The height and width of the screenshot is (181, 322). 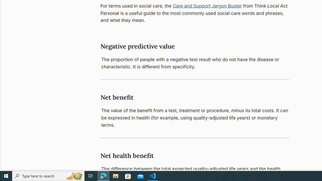 What do you see at coordinates (207, 6) in the screenshot?
I see `'Care and Support Jargon Buster'` at bounding box center [207, 6].